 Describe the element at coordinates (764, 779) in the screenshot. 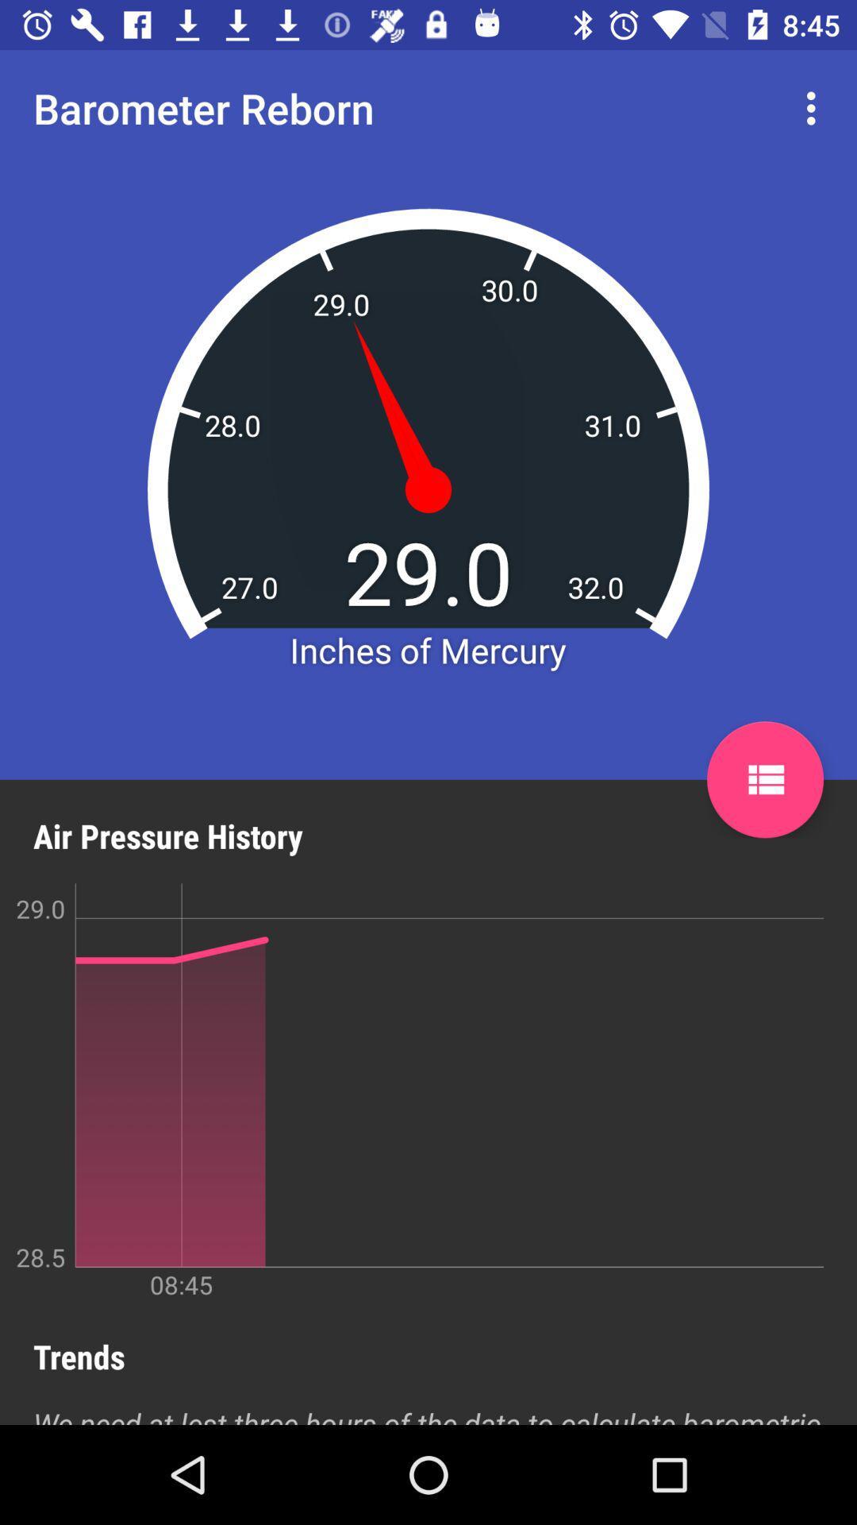

I see `icon on the right` at that location.